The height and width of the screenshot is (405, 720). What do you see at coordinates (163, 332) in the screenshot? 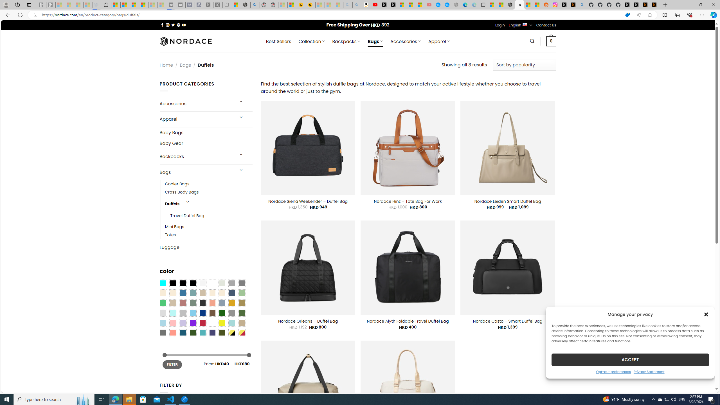
I see `'Dull Nickle'` at bounding box center [163, 332].